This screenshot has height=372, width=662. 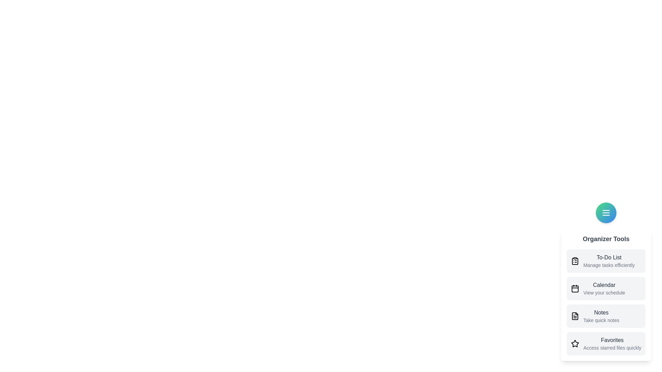 What do you see at coordinates (605, 316) in the screenshot?
I see `the organizer tool item Notes` at bounding box center [605, 316].